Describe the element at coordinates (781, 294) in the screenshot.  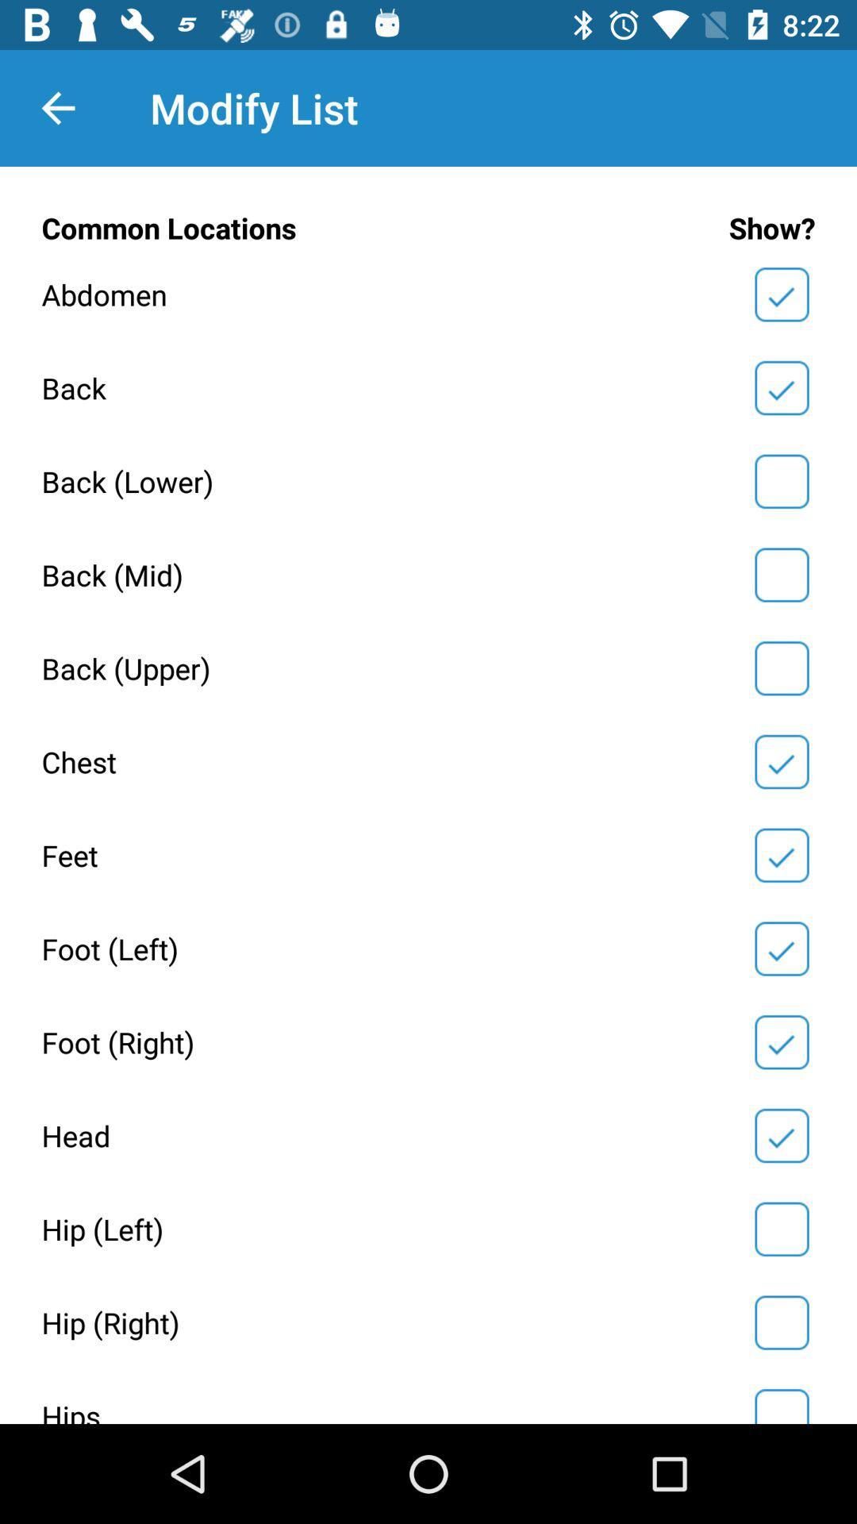
I see `to allow modifications to the abdomen` at that location.